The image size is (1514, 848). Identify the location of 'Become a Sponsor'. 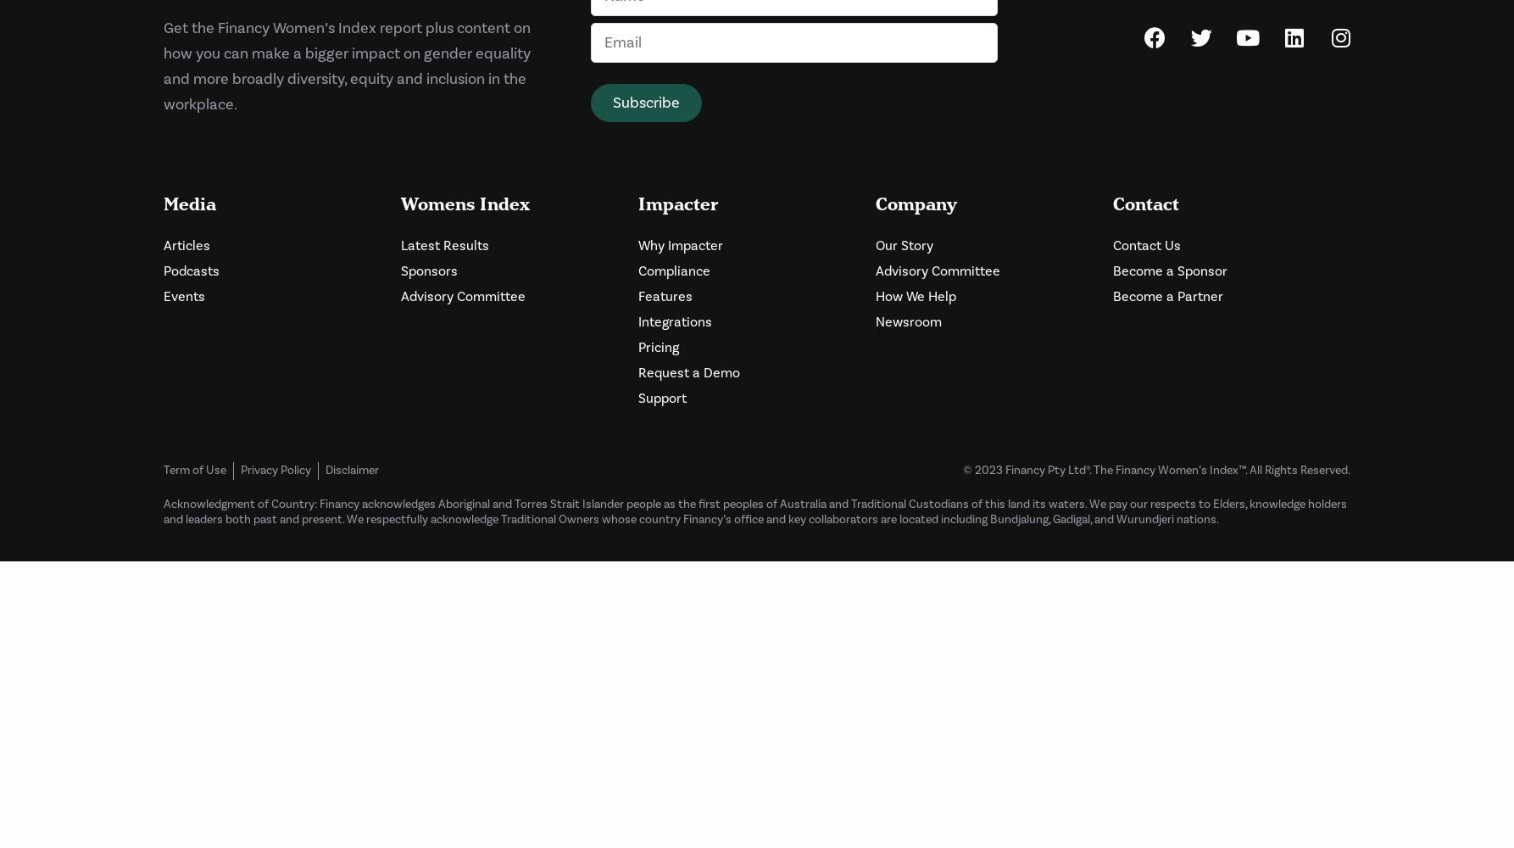
(1113, 270).